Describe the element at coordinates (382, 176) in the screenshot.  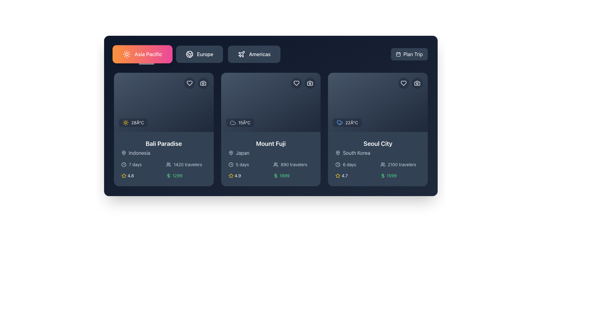
I see `the bright green dollar sign icon located to the left of the numeric text '1599' within the lower section of the 'Seoul City' card` at that location.